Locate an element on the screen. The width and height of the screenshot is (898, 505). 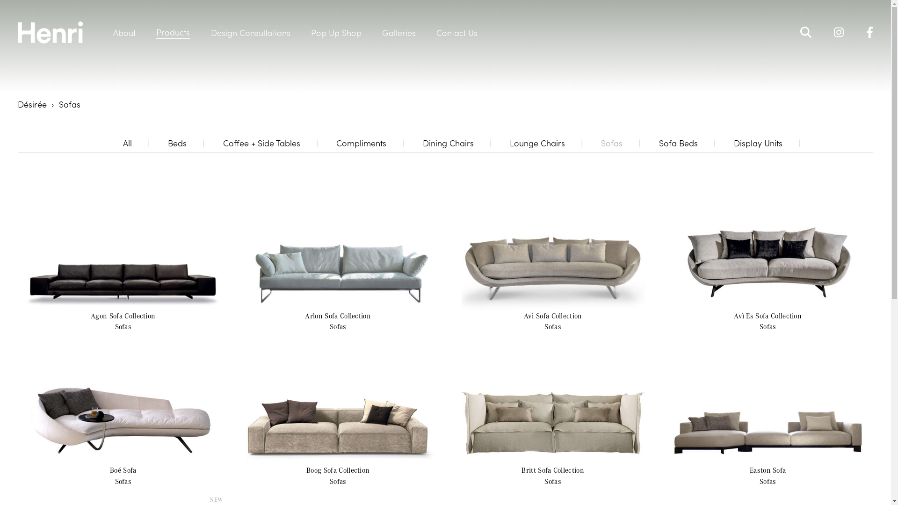
'Contact Us' is located at coordinates (457, 32).